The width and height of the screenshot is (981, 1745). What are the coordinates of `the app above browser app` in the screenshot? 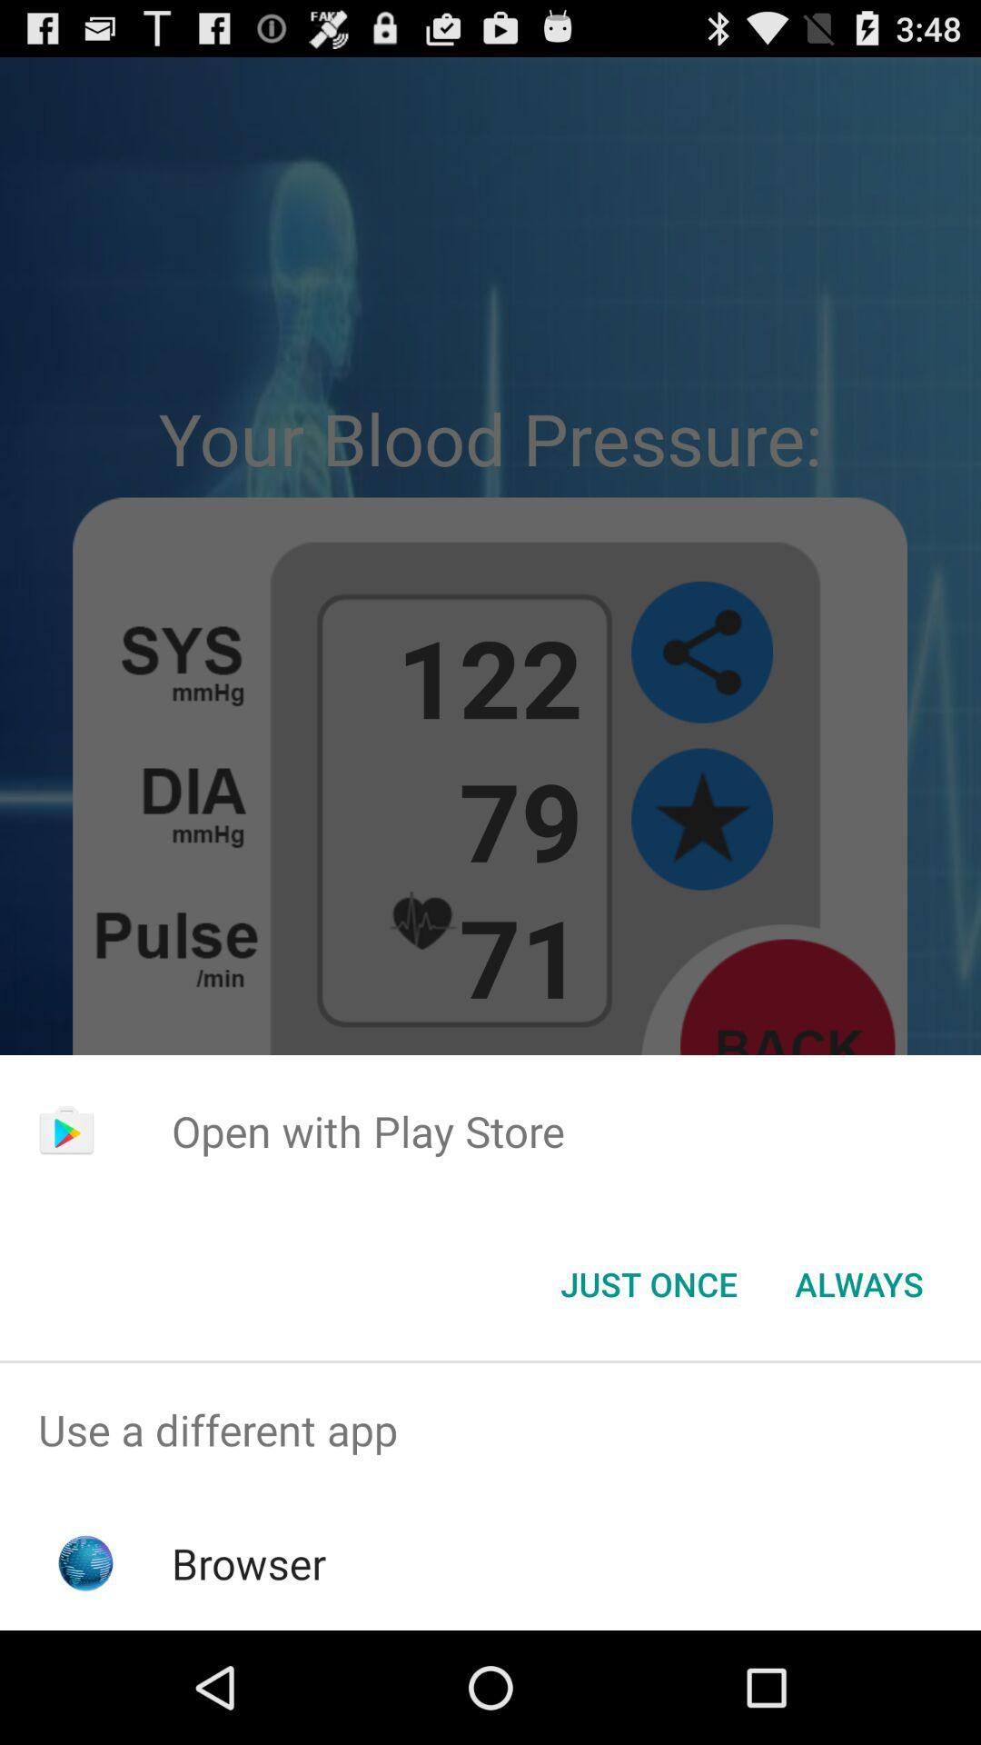 It's located at (490, 1429).